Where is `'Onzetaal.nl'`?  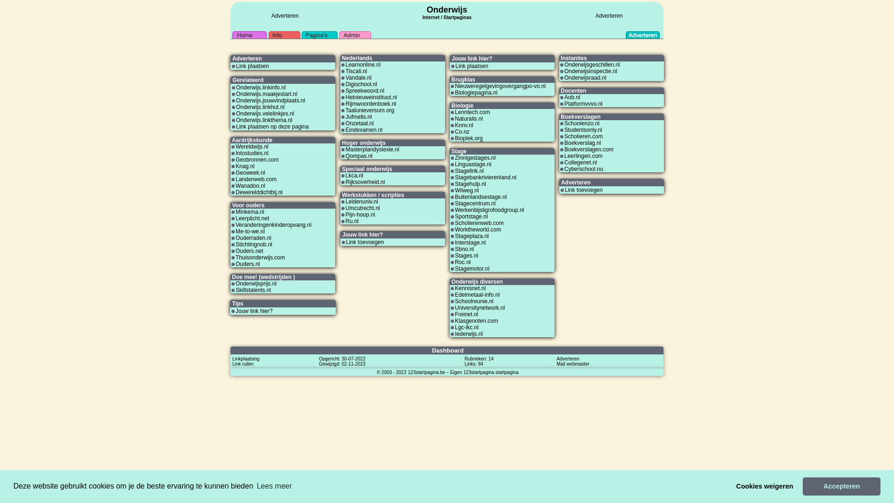 'Onzetaal.nl' is located at coordinates (359, 123).